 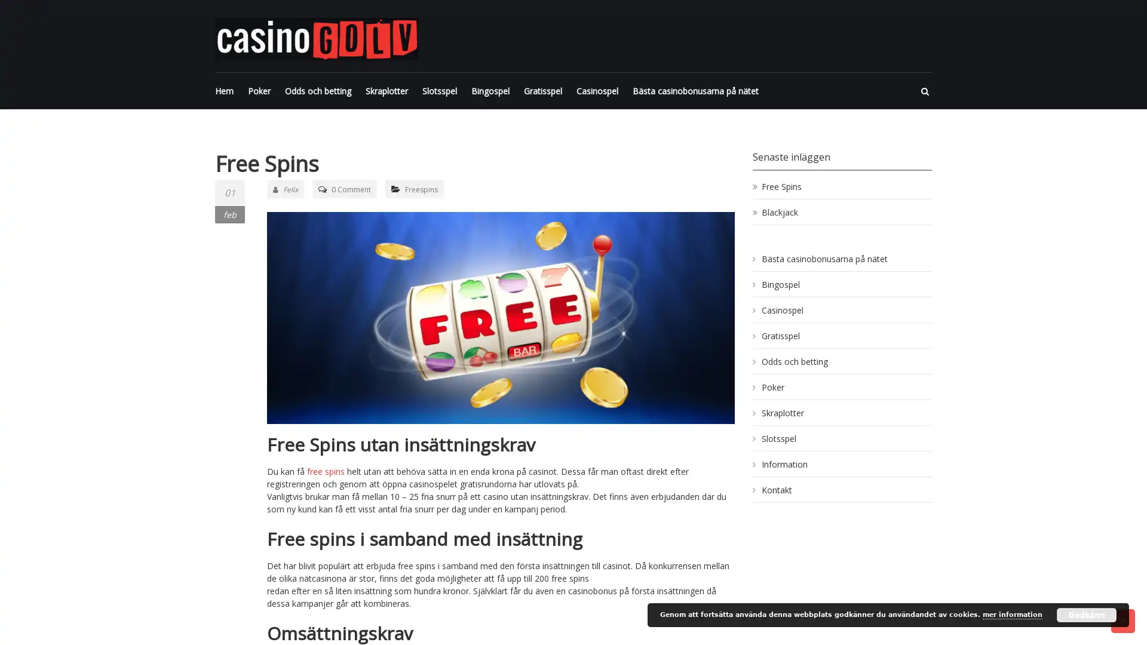 What do you see at coordinates (1087, 615) in the screenshot?
I see `Godkann` at bounding box center [1087, 615].